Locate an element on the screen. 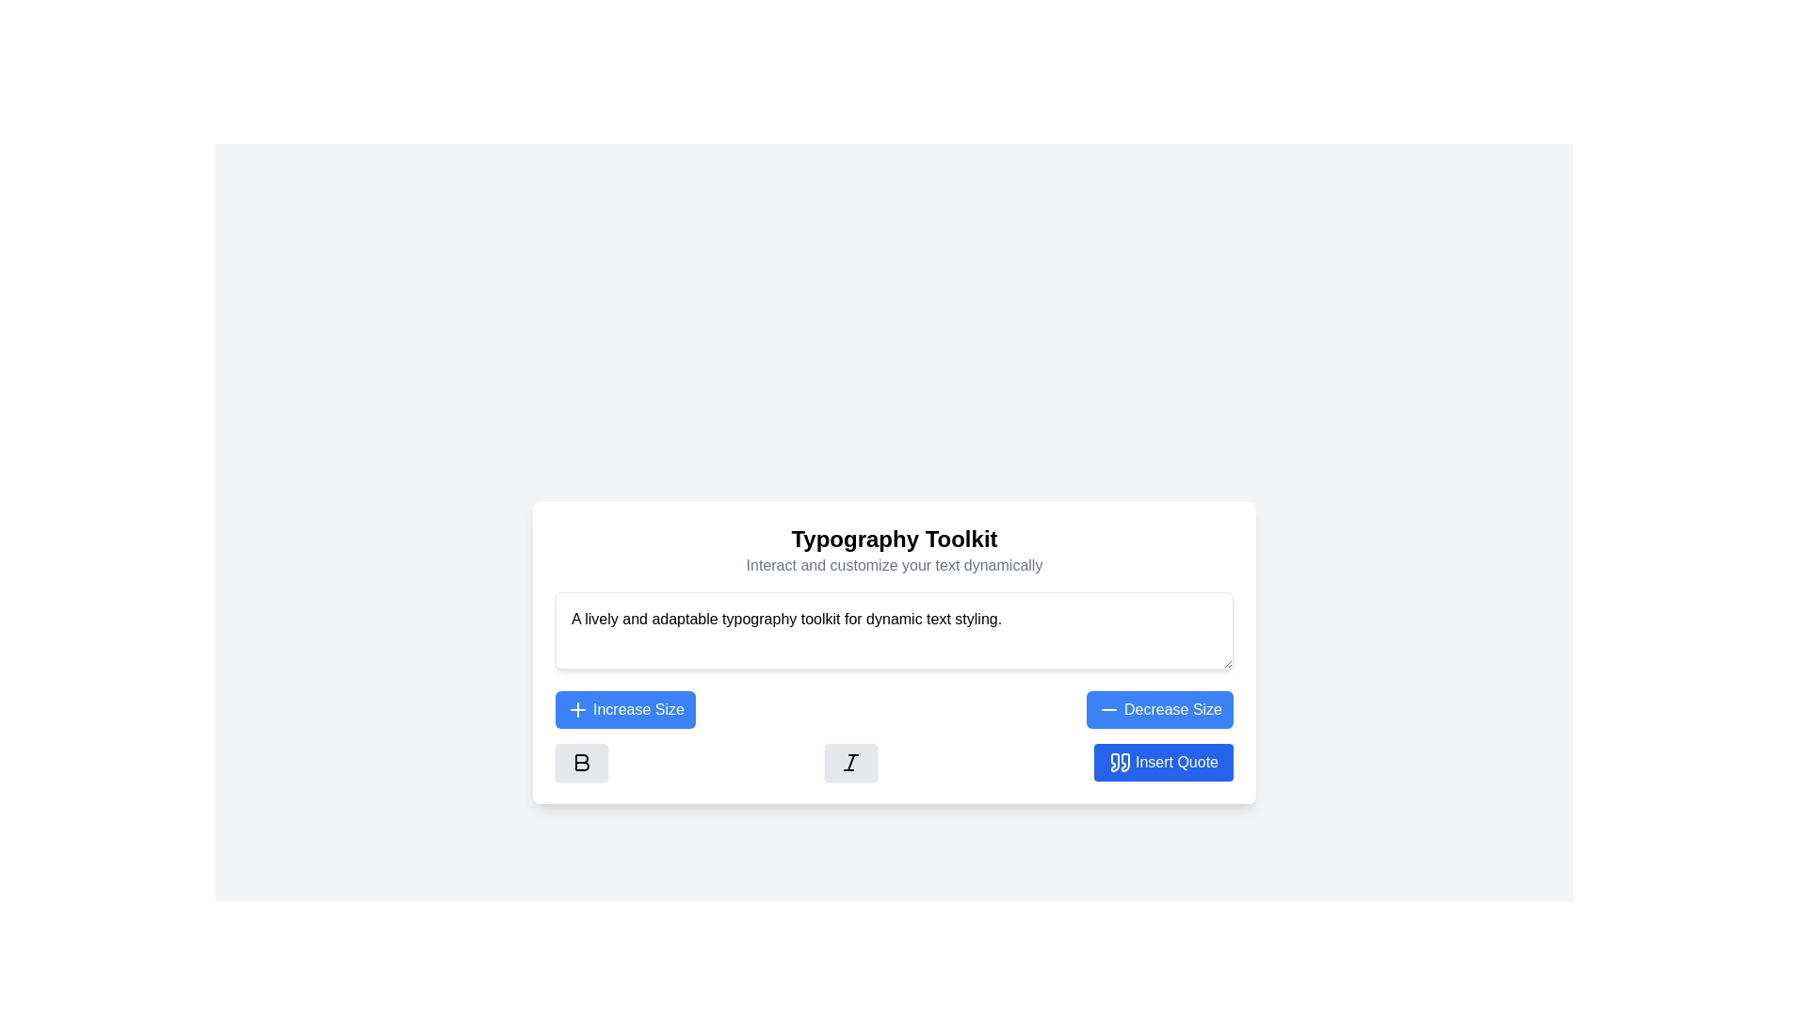  the italic formatting icon located in the bottom toolbar, which is a decorative graphical line part of the italic button's icon is located at coordinates (849, 761).